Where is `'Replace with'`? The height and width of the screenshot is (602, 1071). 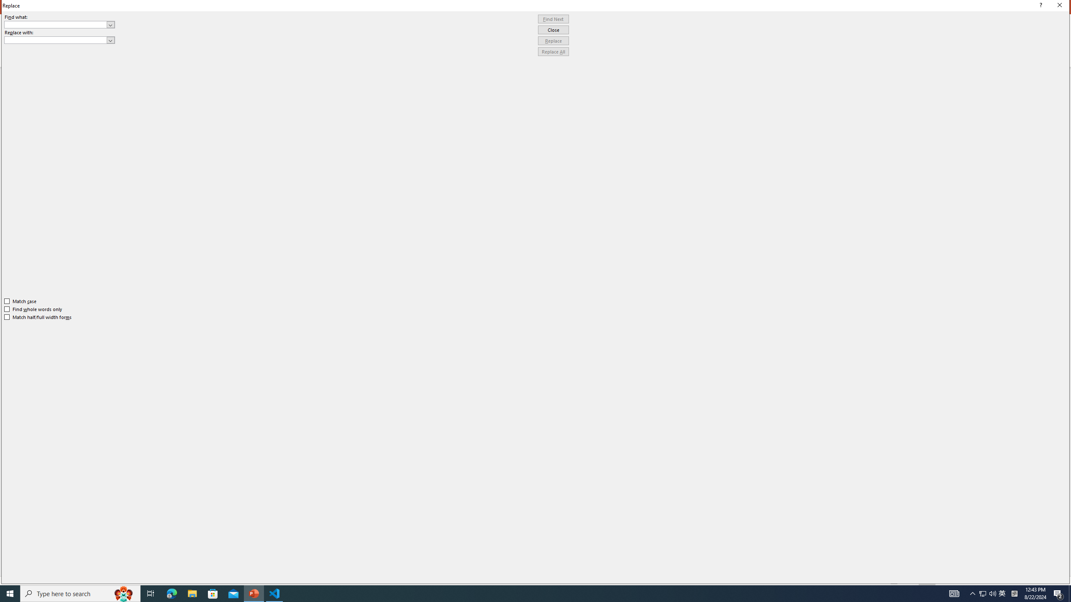
'Replace with' is located at coordinates (59, 40).